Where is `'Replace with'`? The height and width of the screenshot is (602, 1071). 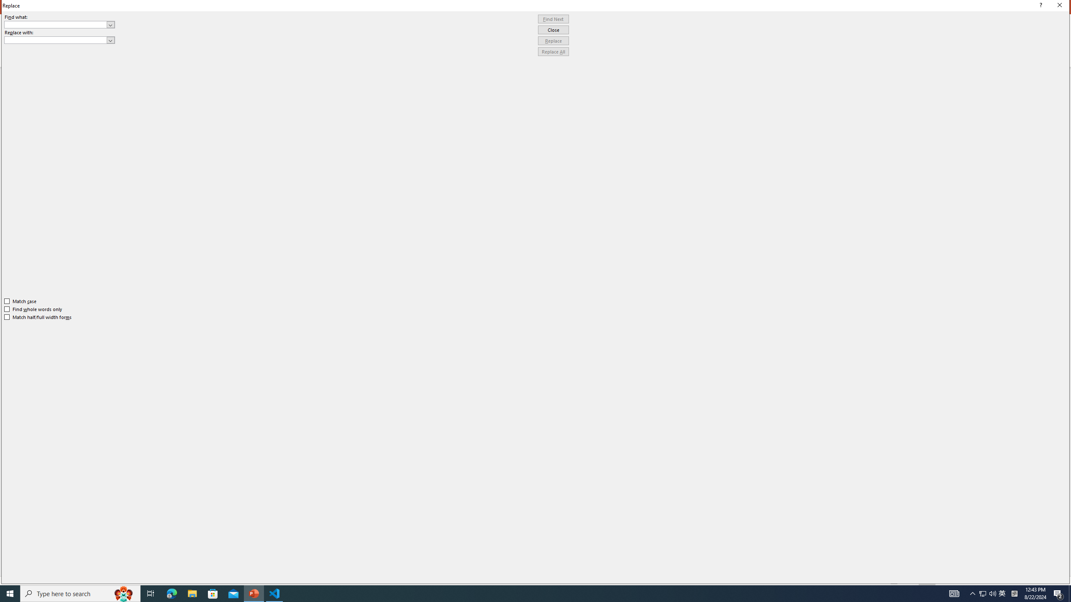
'Replace with' is located at coordinates (59, 40).